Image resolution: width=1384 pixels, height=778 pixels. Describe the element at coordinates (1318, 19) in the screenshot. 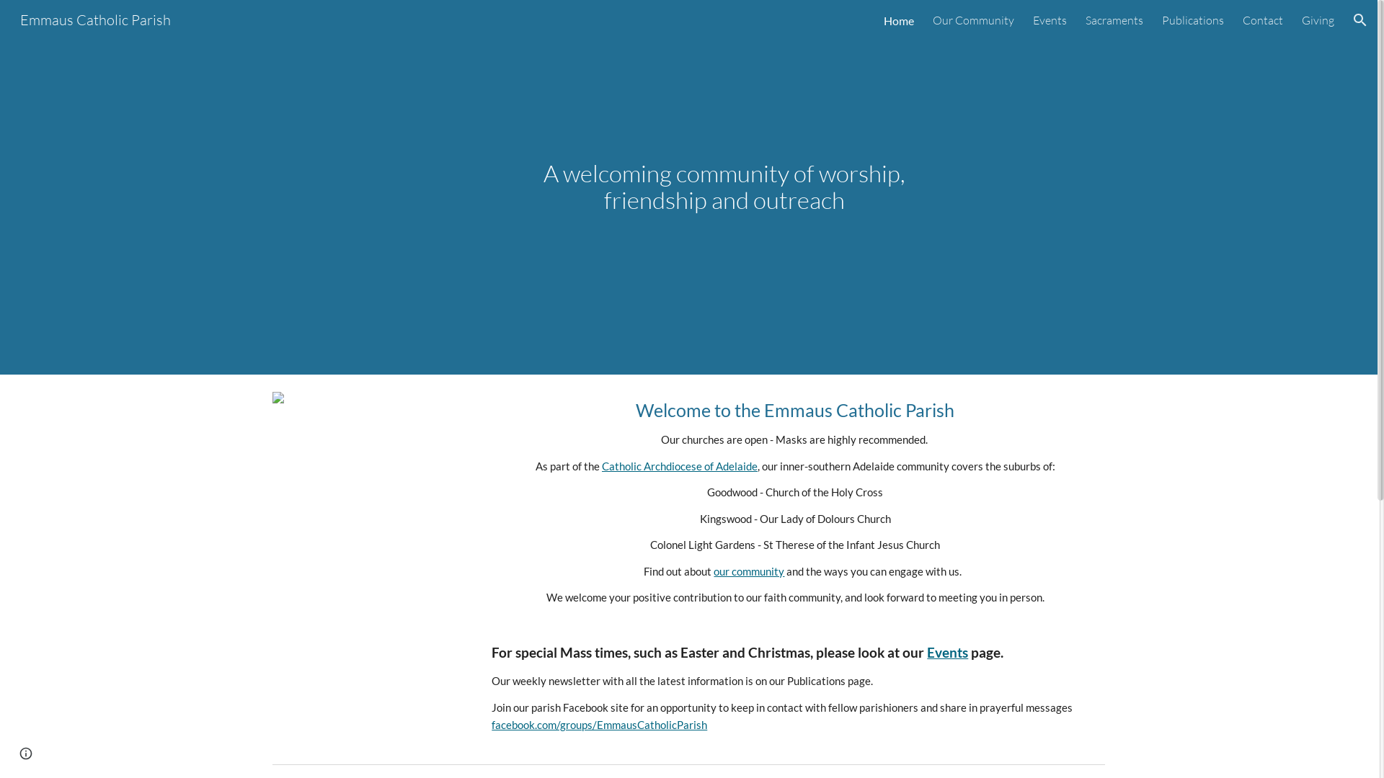

I see `'Giving'` at that location.